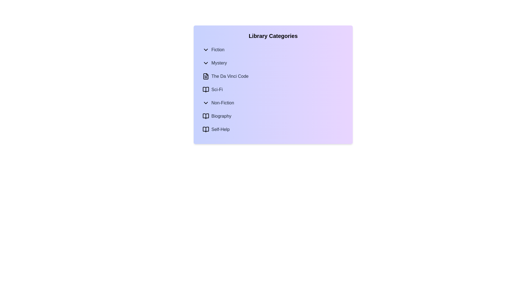  Describe the element at coordinates (230, 76) in the screenshot. I see `the text label for 'The Da Vinci Code' located in the expanded 'Mystery' section of the 'Library Categories' widget` at that location.